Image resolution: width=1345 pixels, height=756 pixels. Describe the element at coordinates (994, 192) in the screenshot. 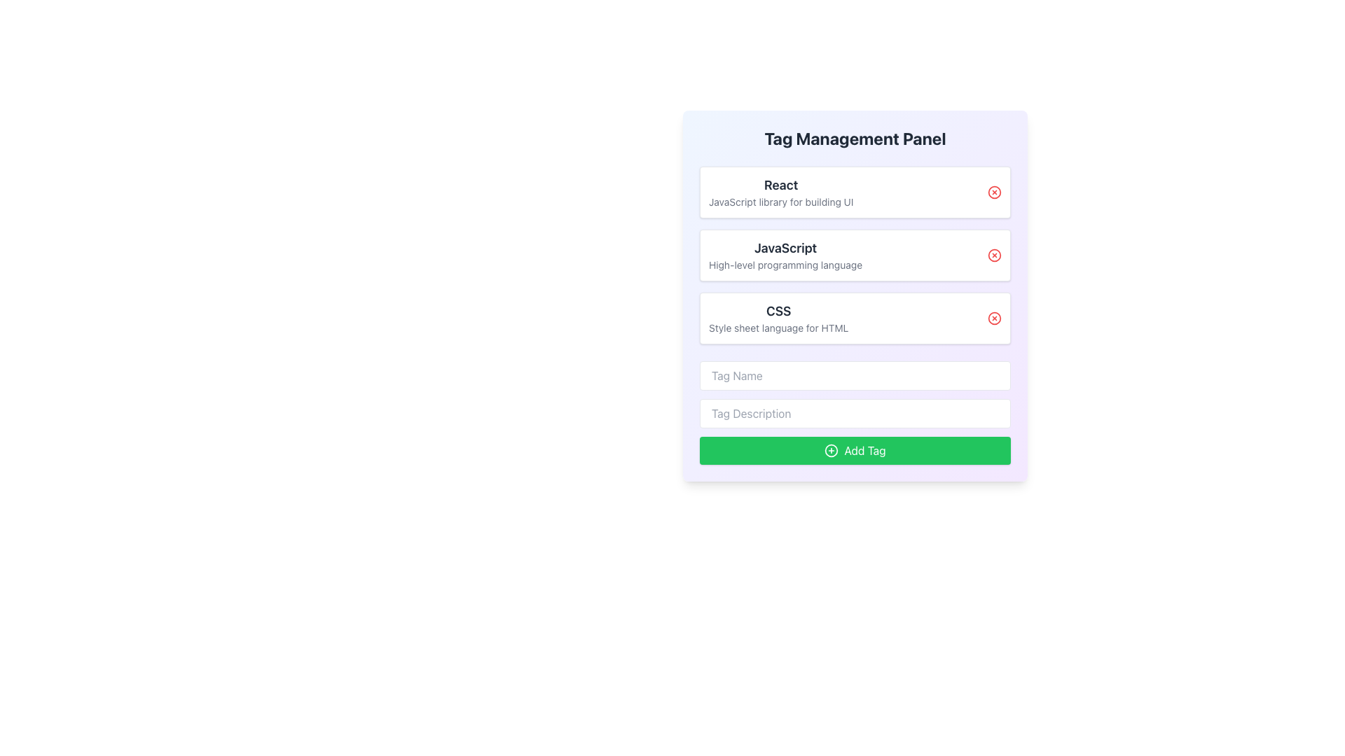

I see `the outer circular boundary of the SVG icon representing the close or cancel action associated with the 'React' tag in the 'Tag Management Panel'` at that location.